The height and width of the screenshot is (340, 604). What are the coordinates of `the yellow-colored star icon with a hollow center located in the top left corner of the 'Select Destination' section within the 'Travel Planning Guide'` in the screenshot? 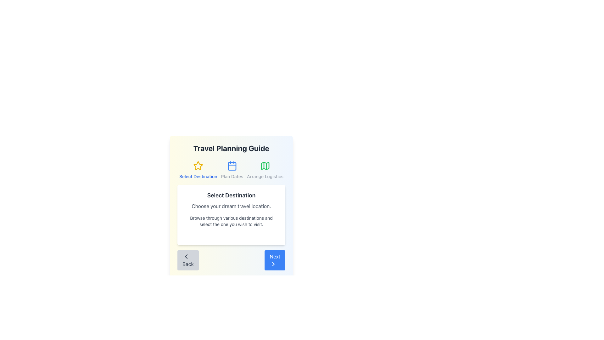 It's located at (198, 166).